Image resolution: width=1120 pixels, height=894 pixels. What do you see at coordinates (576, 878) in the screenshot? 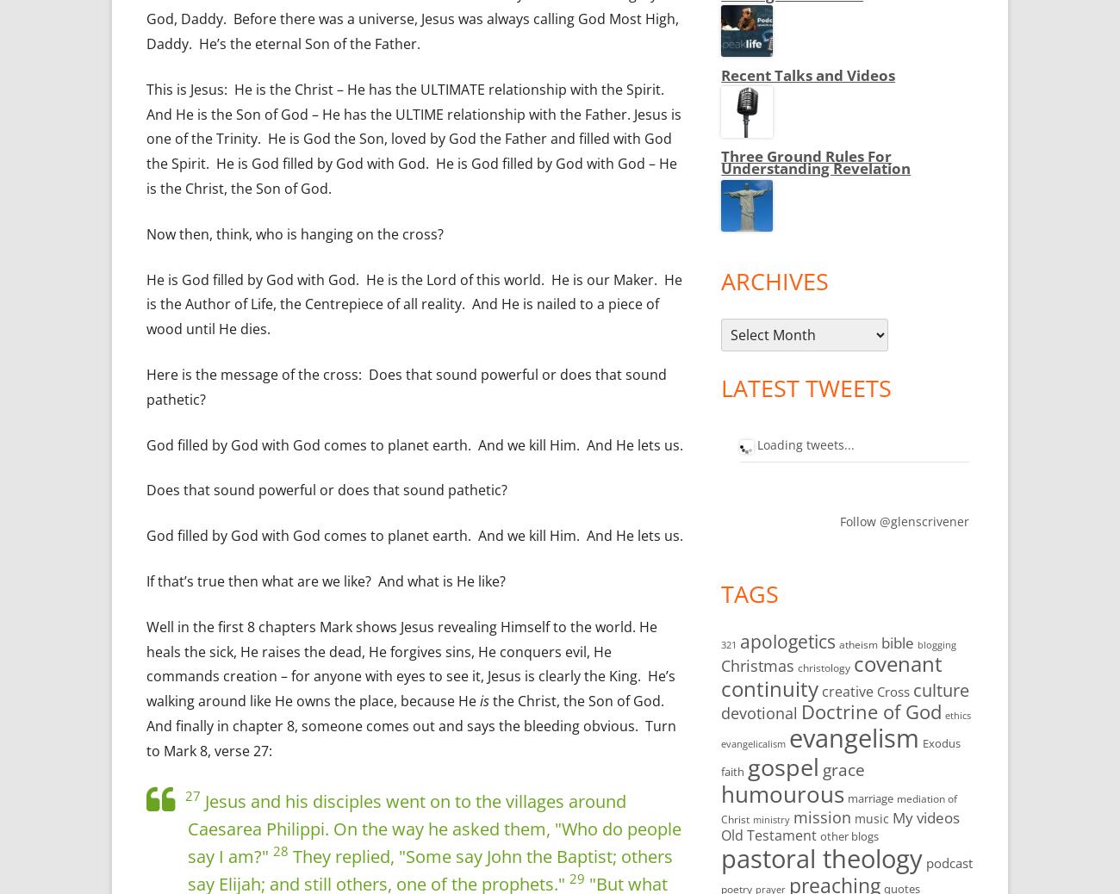
I see `'29'` at bounding box center [576, 878].